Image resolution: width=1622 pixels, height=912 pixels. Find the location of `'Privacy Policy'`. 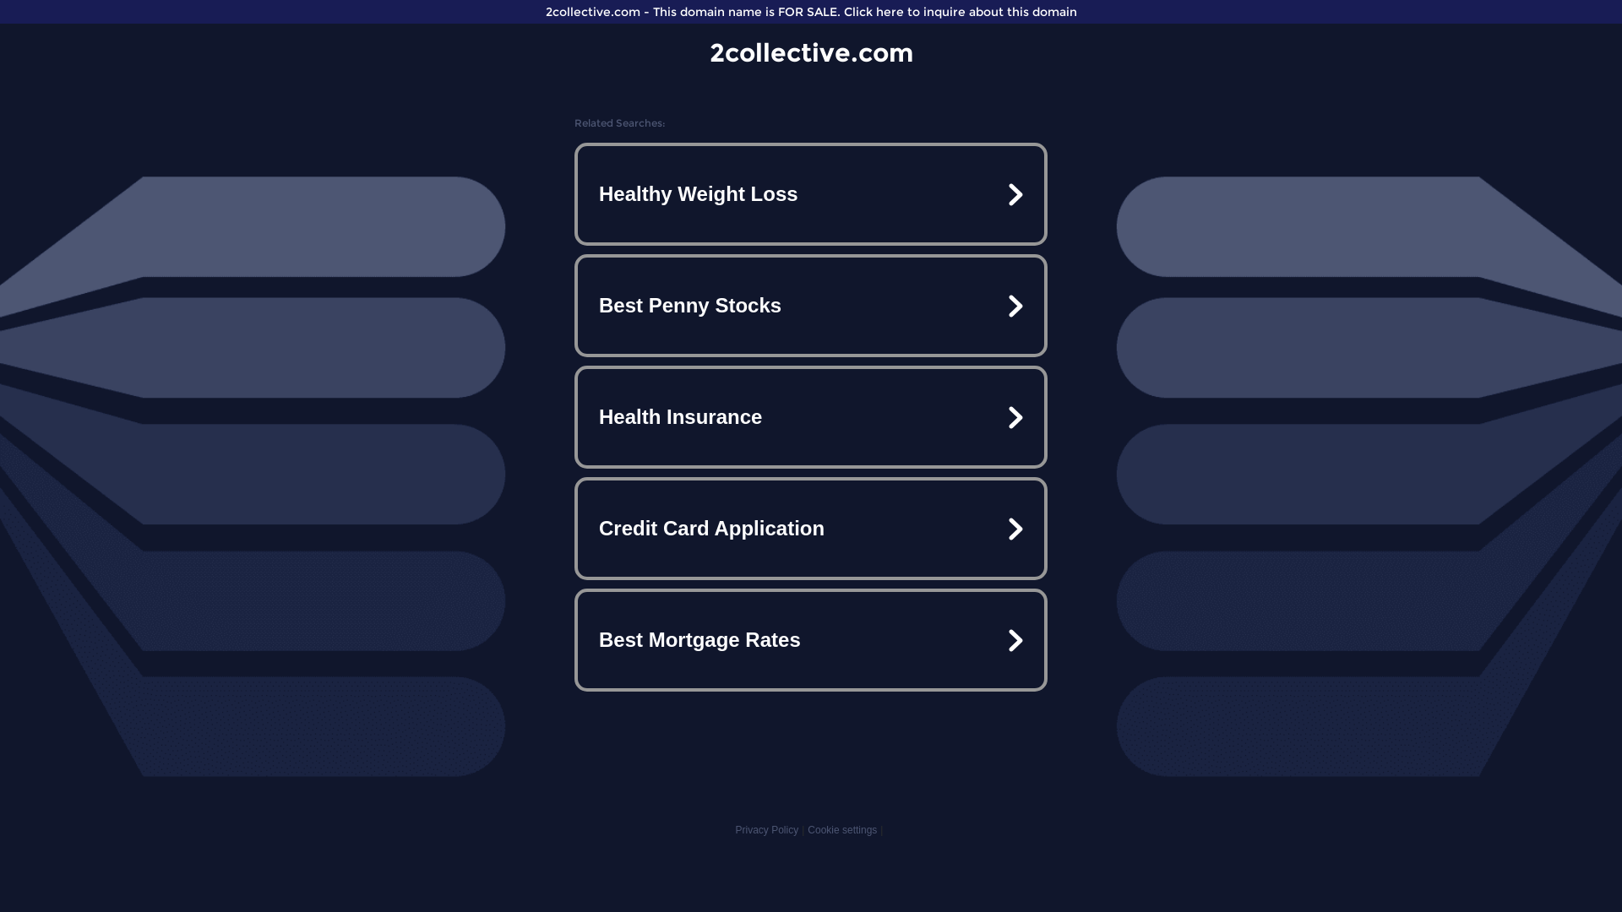

'Privacy Policy' is located at coordinates (765, 829).